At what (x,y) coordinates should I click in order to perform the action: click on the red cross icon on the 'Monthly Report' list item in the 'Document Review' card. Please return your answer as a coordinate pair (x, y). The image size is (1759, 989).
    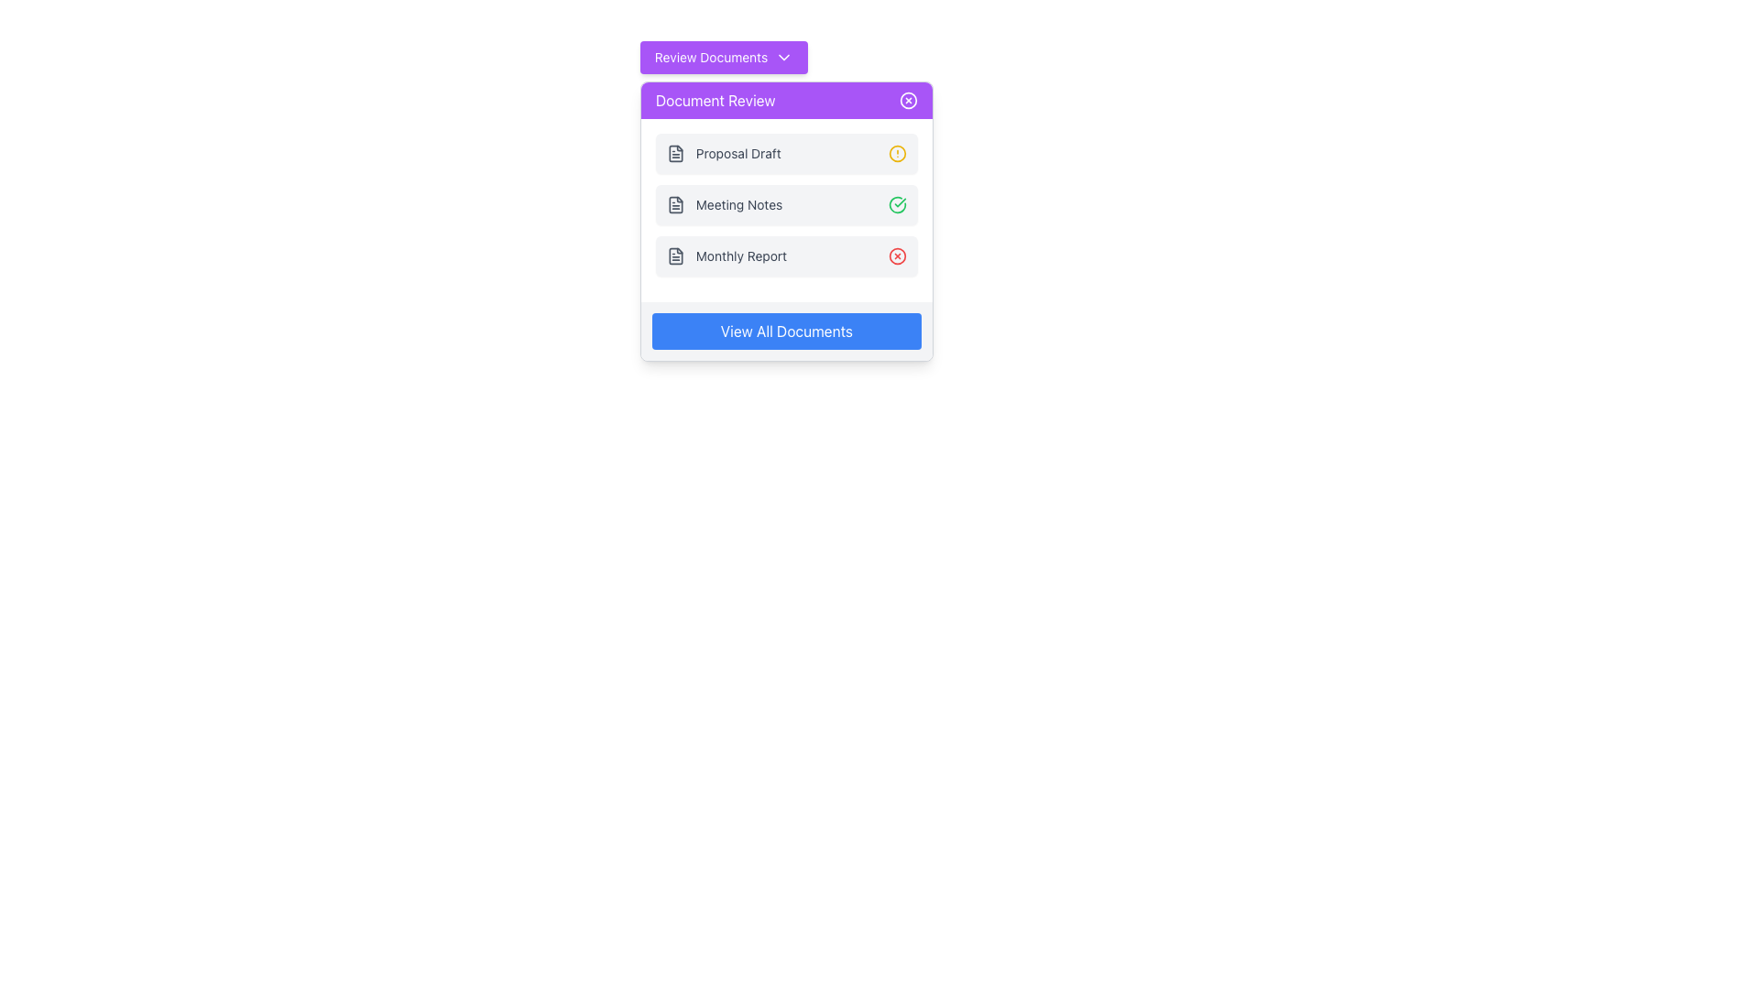
    Looking at the image, I should click on (786, 256).